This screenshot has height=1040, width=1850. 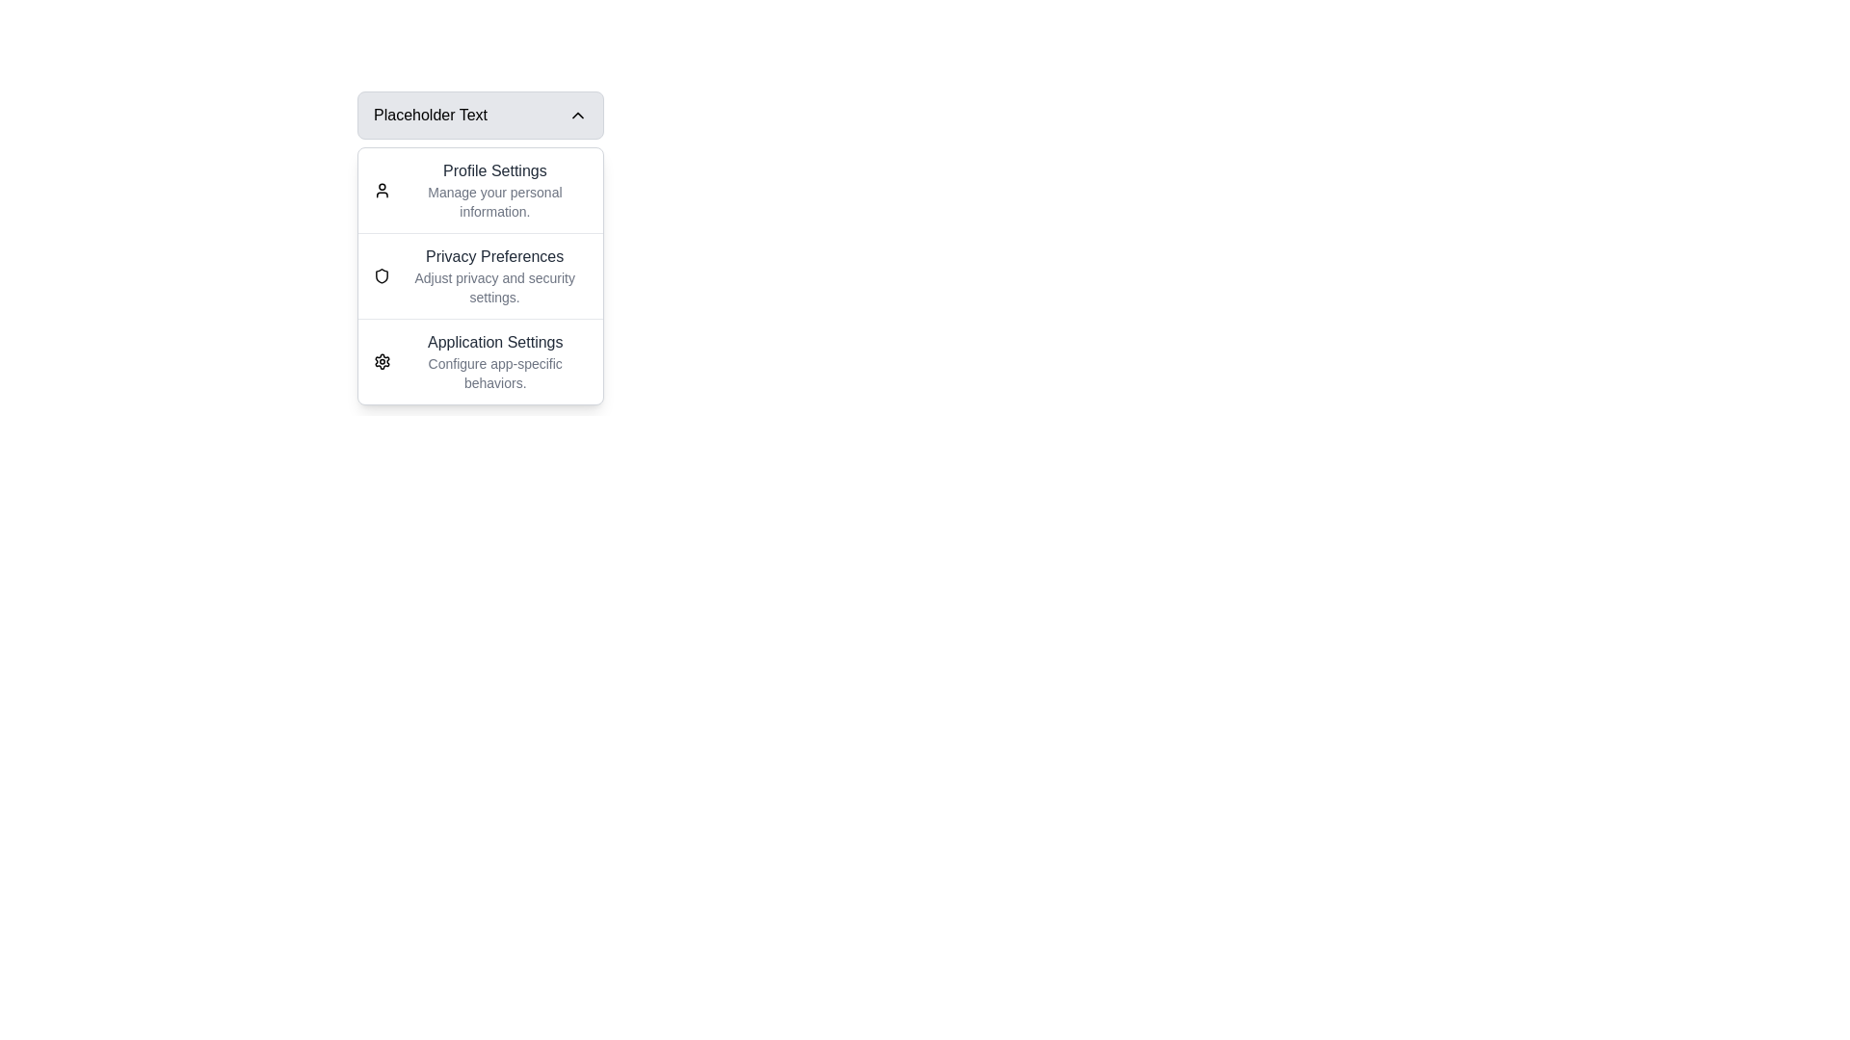 I want to click on the static text element containing 'Adjust privacy and security settings.' which is styled with a smaller gray font and positioned below the 'Privacy Preferences' title, so click(x=494, y=288).